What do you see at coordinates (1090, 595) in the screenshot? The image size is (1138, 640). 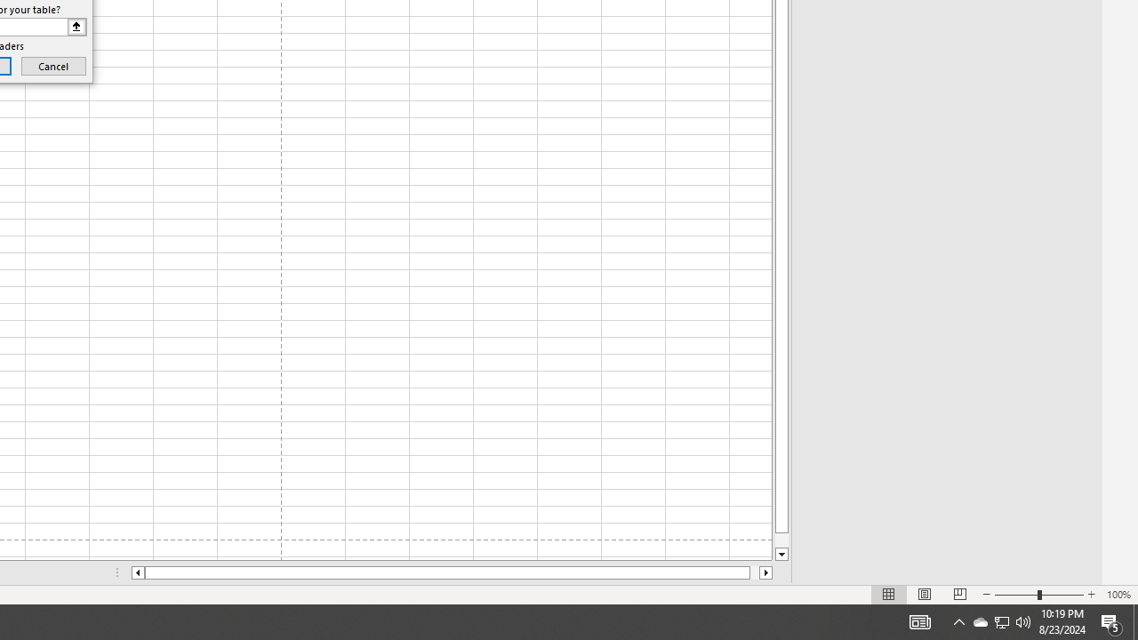 I see `'Zoom In'` at bounding box center [1090, 595].